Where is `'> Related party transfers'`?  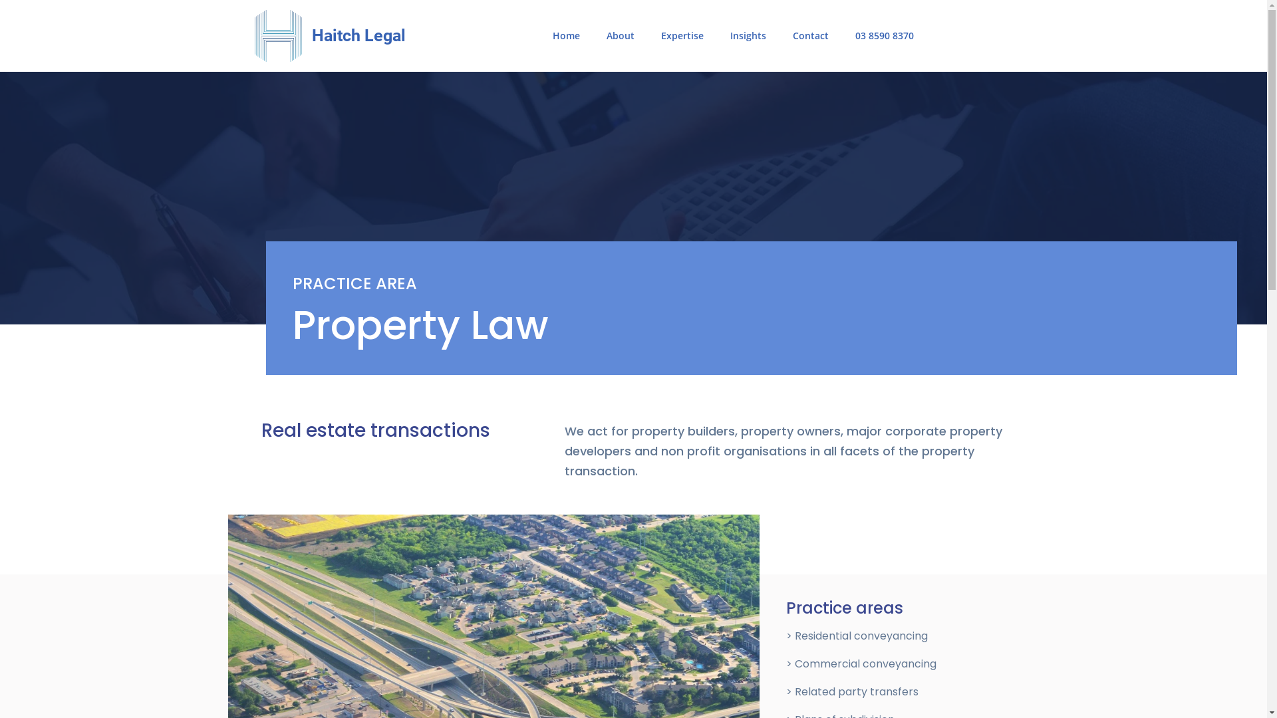
'> Related party transfers' is located at coordinates (785, 691).